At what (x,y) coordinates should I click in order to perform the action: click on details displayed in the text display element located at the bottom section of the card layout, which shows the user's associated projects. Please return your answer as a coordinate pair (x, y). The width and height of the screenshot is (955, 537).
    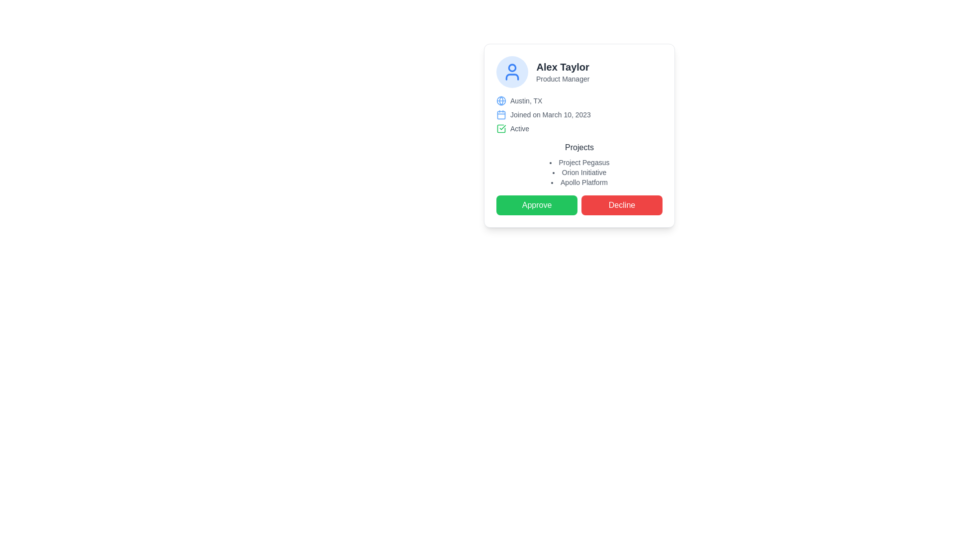
    Looking at the image, I should click on (579, 164).